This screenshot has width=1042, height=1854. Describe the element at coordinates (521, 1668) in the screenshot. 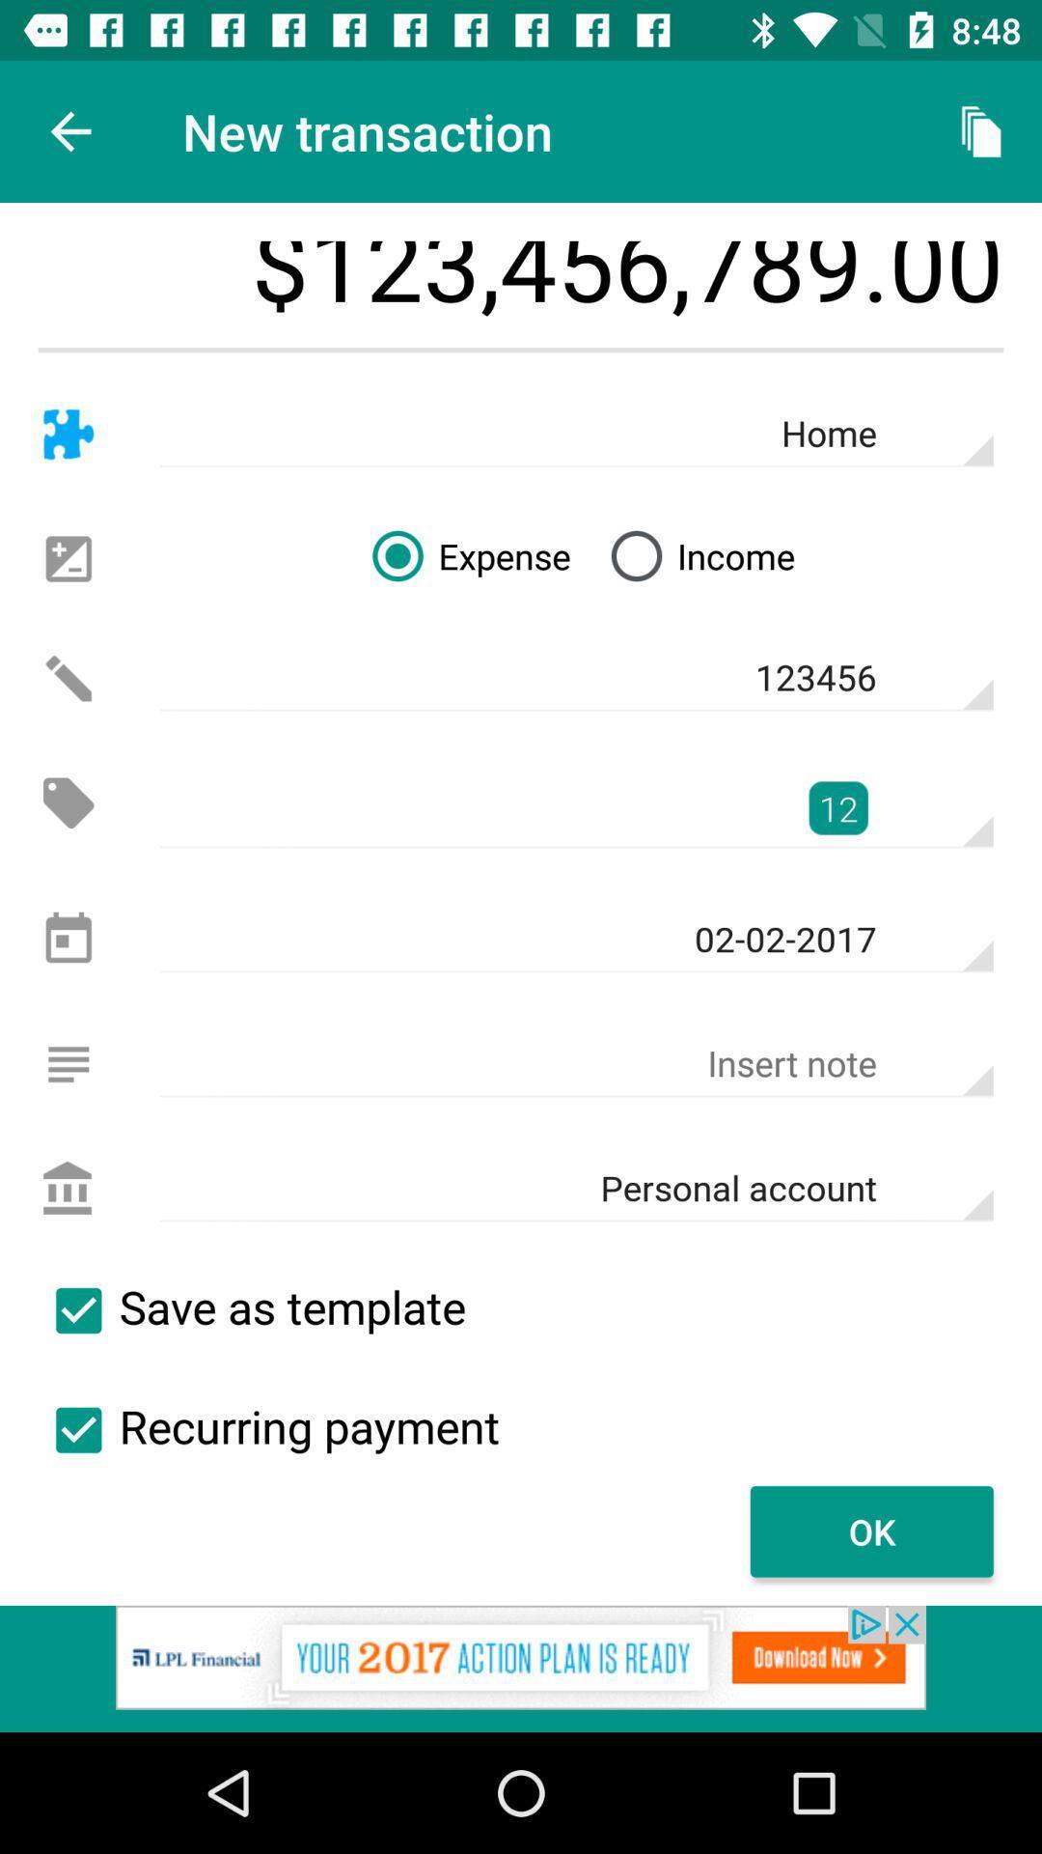

I see `more information about an advertisement` at that location.